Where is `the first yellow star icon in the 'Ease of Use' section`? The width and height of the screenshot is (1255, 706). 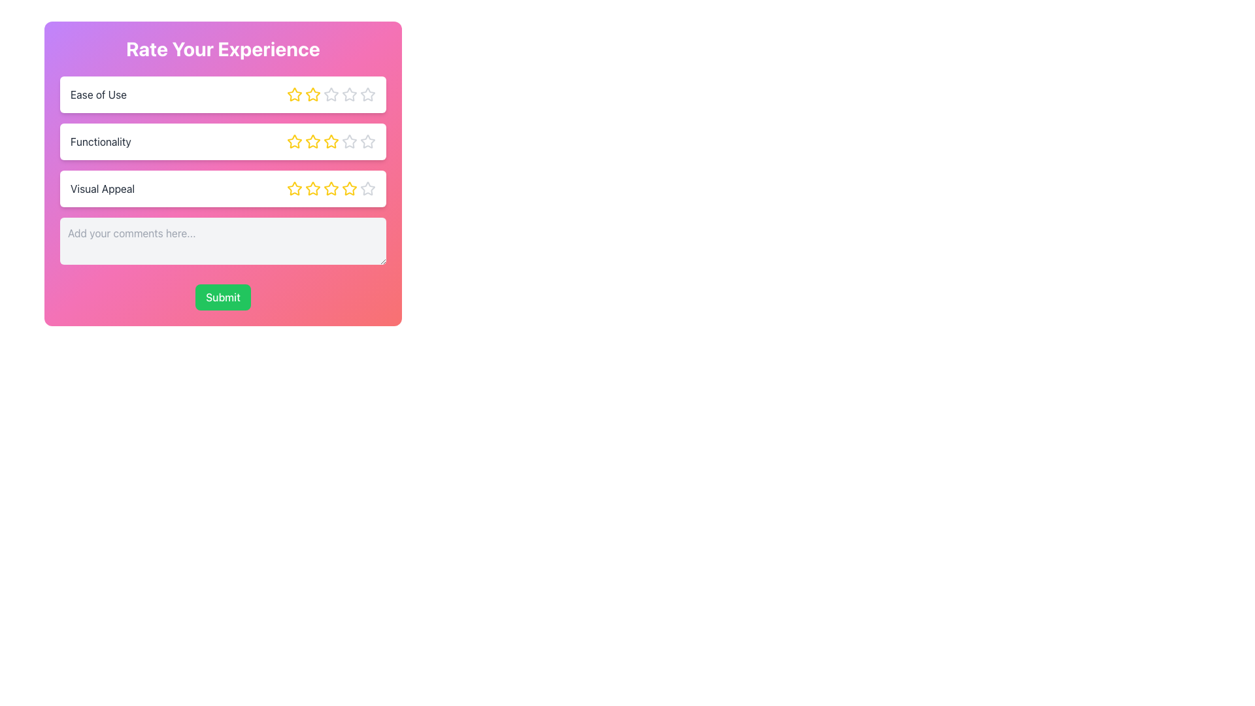 the first yellow star icon in the 'Ease of Use' section is located at coordinates (294, 94).